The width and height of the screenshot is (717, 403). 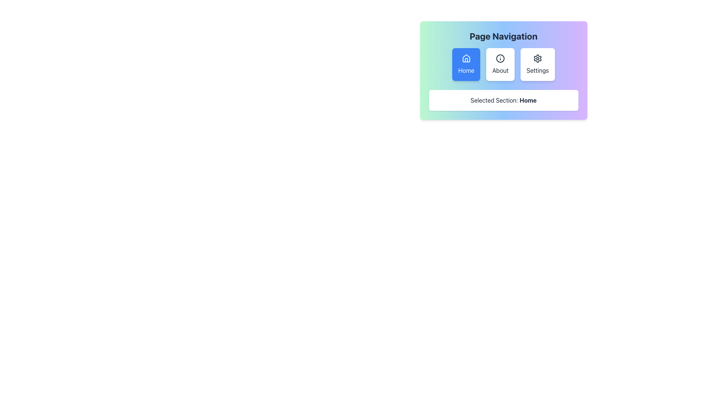 What do you see at coordinates (466, 60) in the screenshot?
I see `the vertical line of the 'Home' button, which is part of the house icon located in the 'Page Navigation' section` at bounding box center [466, 60].